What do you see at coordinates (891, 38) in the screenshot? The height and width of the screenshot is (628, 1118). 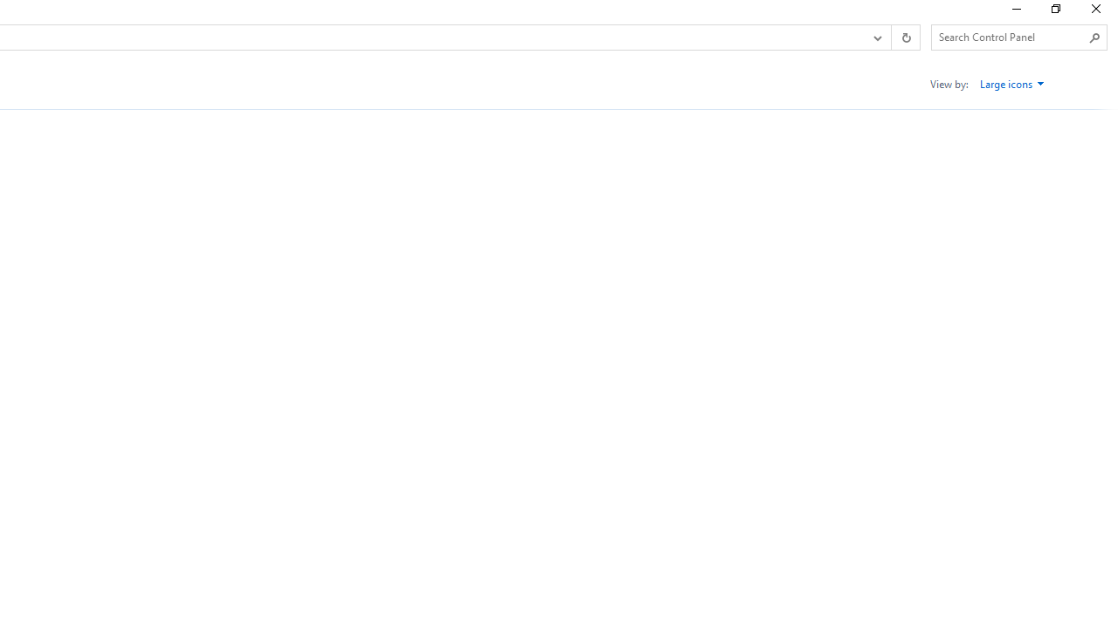 I see `'Address band toolbar'` at bounding box center [891, 38].